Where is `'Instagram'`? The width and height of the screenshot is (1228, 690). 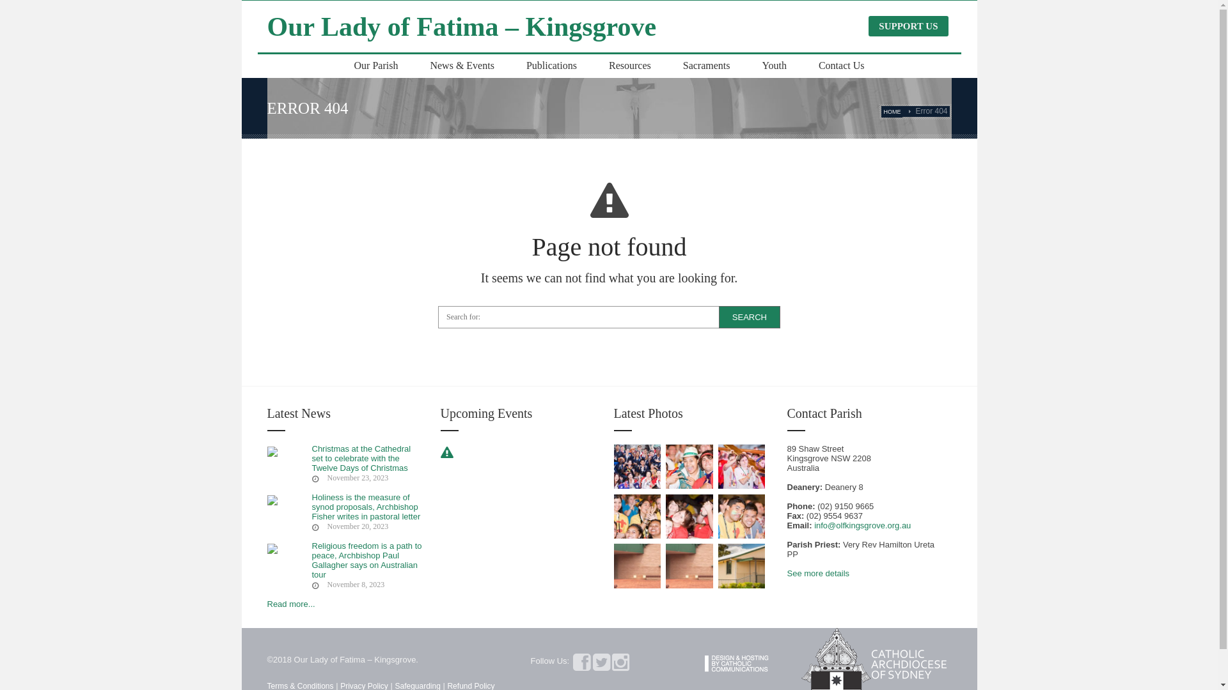 'Instagram' is located at coordinates (620, 665).